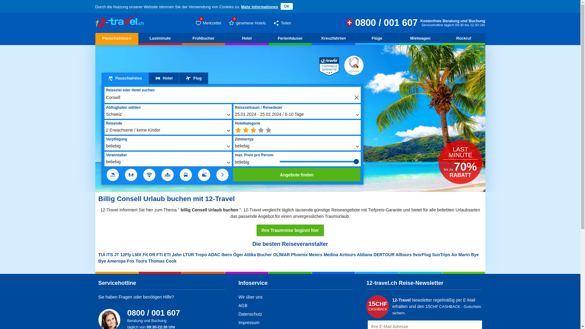 The image size is (585, 329). I want to click on 'Thomas Cook', so click(148, 260).